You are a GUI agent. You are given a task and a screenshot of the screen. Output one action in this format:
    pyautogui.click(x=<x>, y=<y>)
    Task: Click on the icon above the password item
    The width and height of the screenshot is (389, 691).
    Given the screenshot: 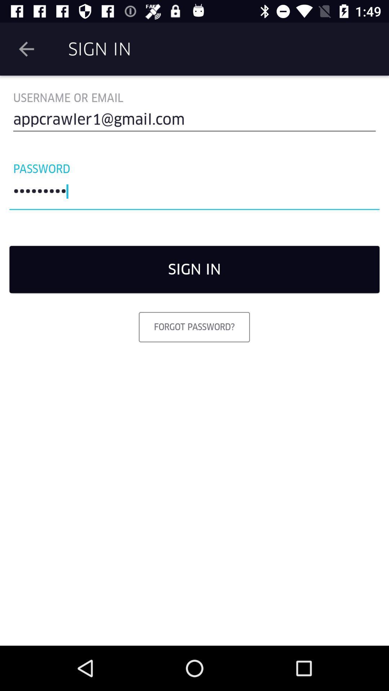 What is the action you would take?
    pyautogui.click(x=194, y=122)
    